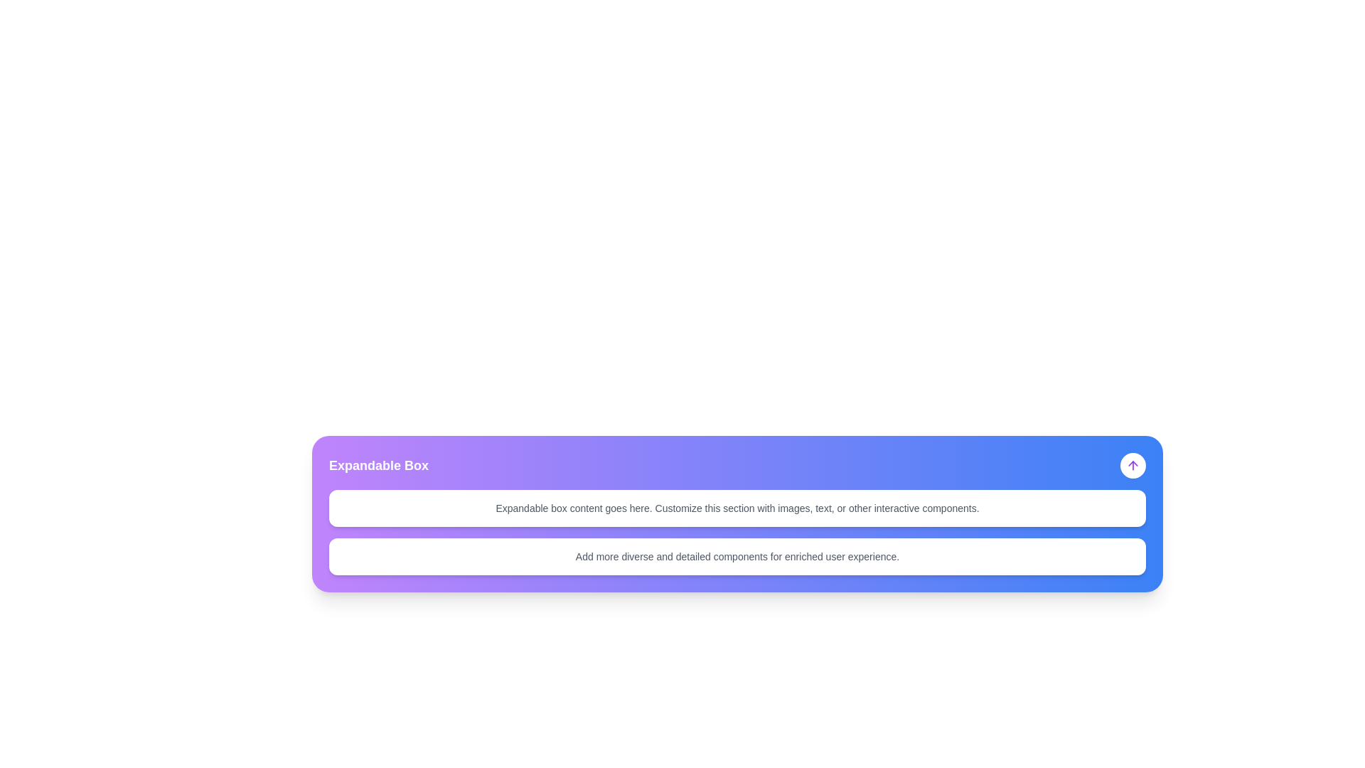  Describe the element at coordinates (1132, 466) in the screenshot. I see `the upward action icon located at the top-right corner of the expandable box, which is represented by a circular button` at that location.